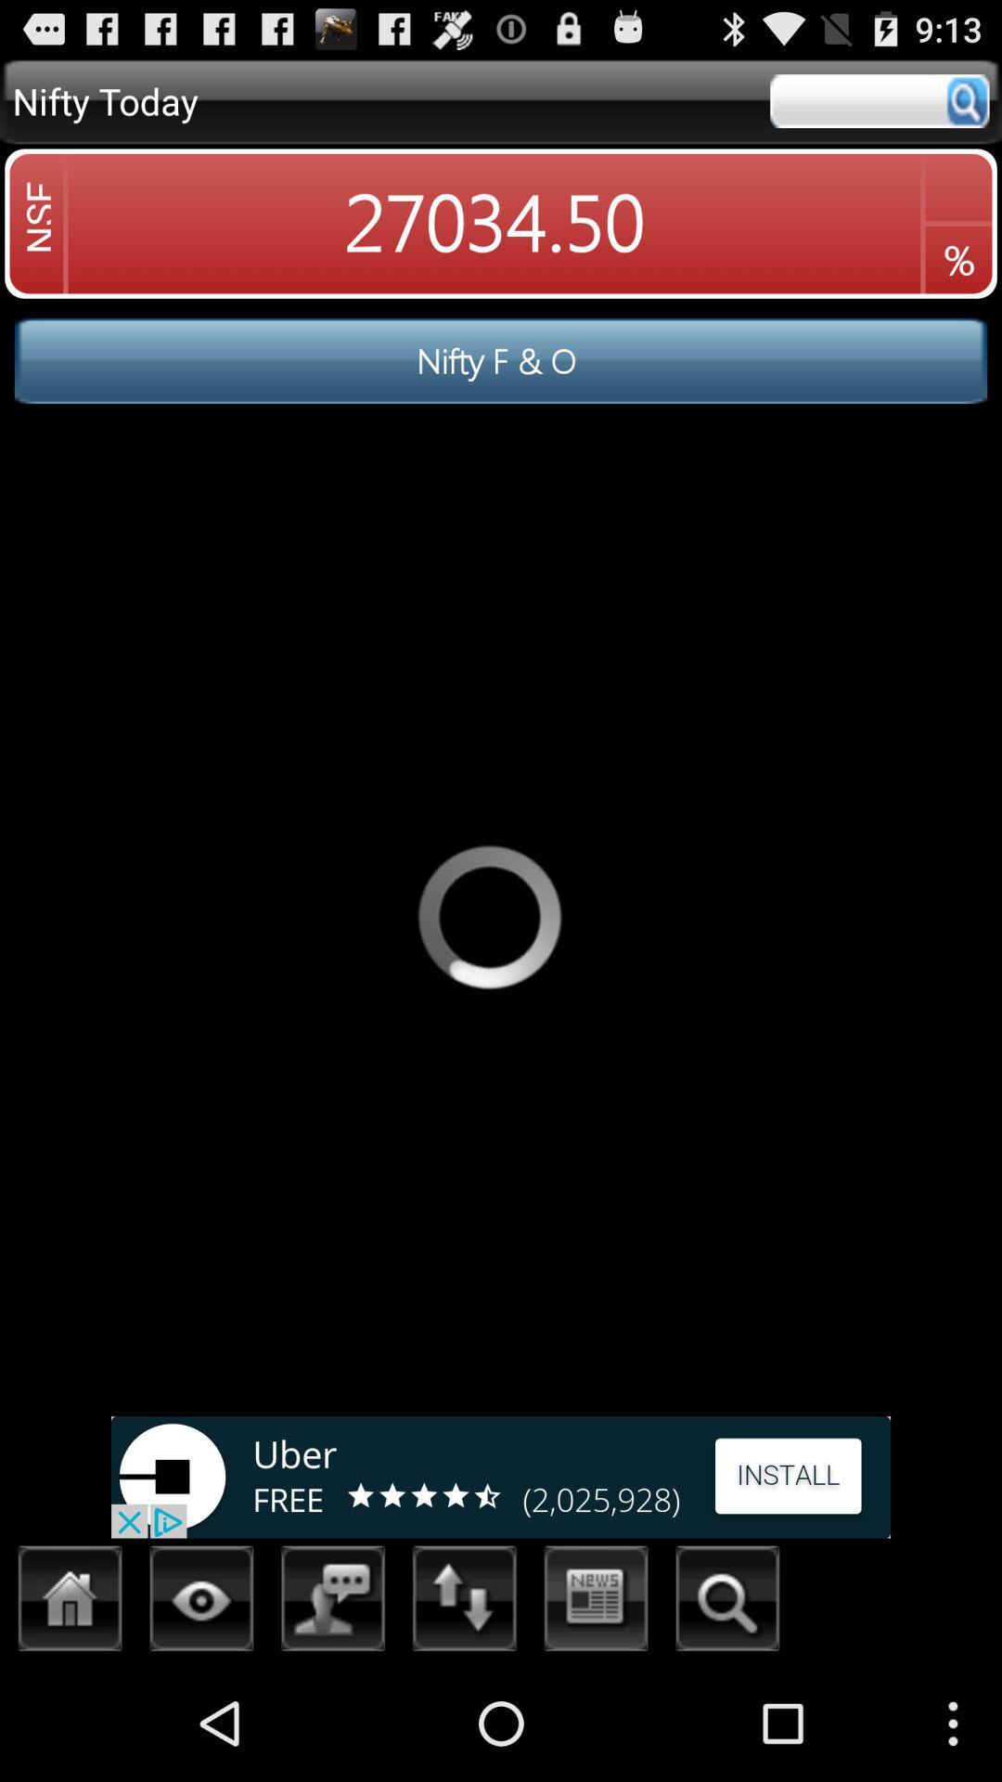  Describe the element at coordinates (332, 1603) in the screenshot. I see `message` at that location.